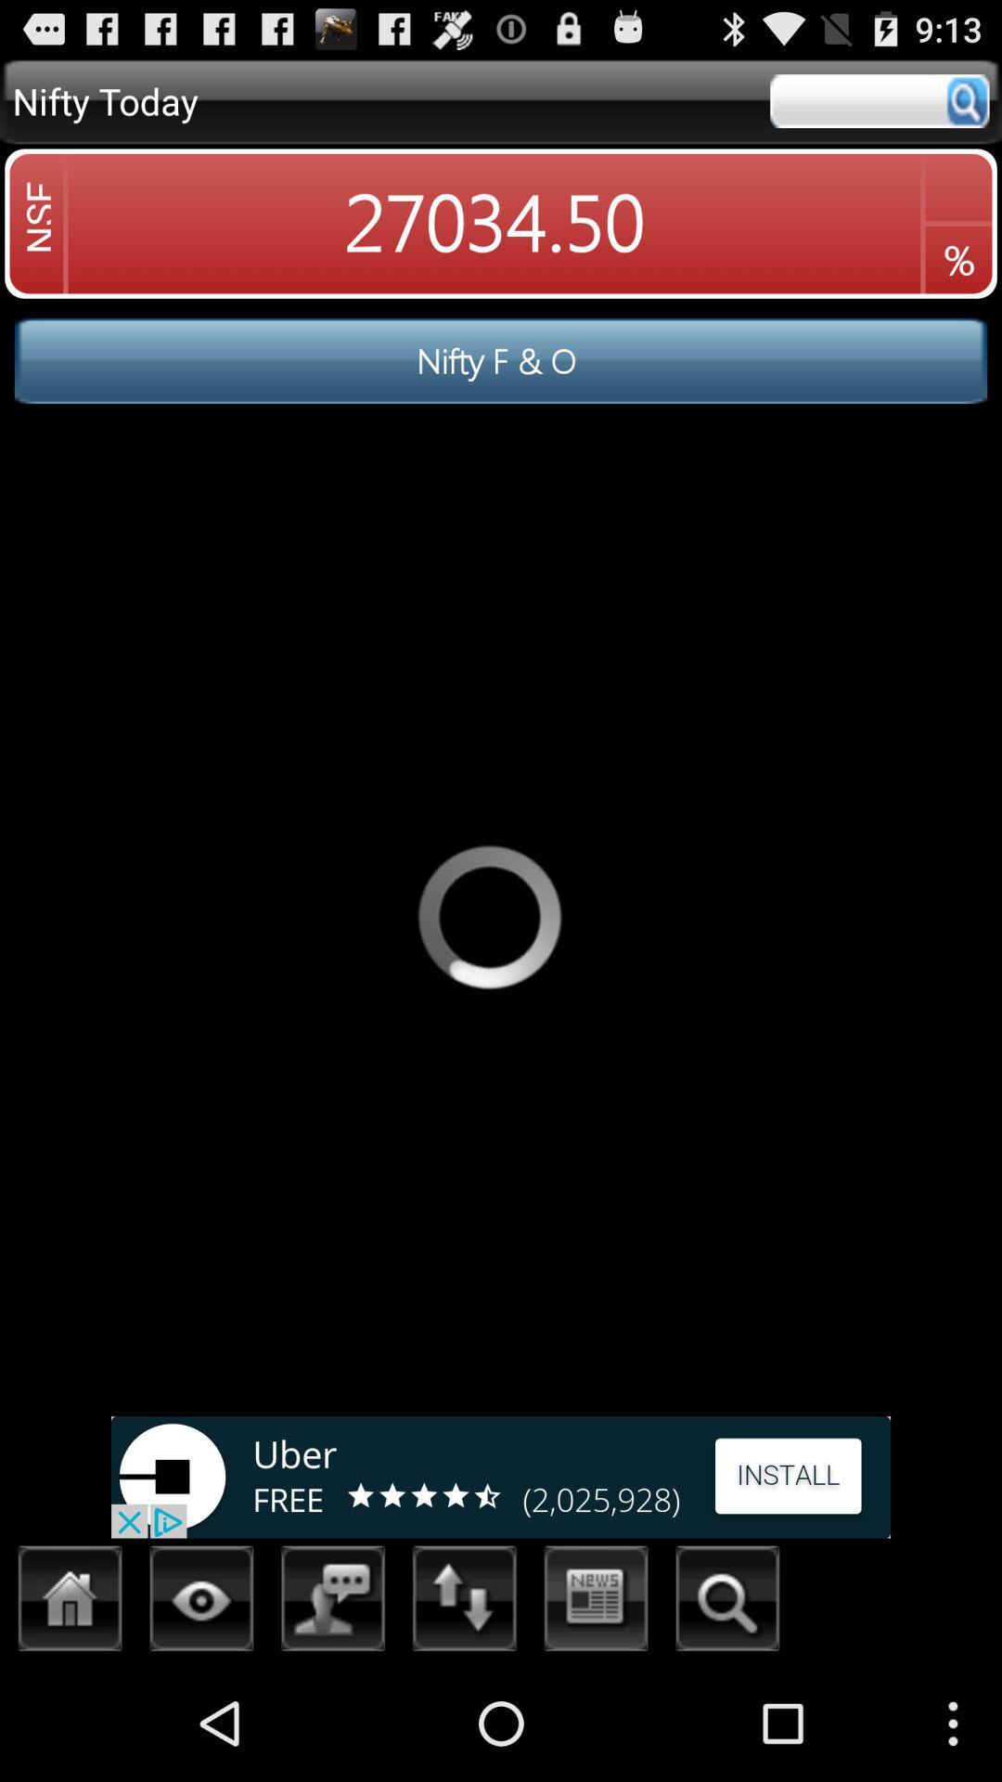  Describe the element at coordinates (332, 1603) in the screenshot. I see `message` at that location.